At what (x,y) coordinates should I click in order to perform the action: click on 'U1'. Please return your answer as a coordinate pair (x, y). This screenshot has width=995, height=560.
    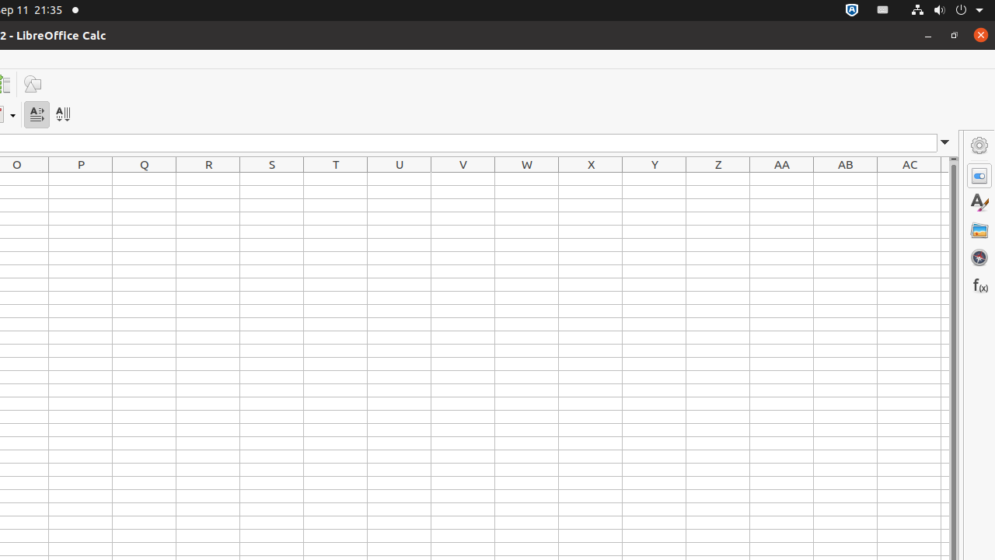
    Looking at the image, I should click on (400, 178).